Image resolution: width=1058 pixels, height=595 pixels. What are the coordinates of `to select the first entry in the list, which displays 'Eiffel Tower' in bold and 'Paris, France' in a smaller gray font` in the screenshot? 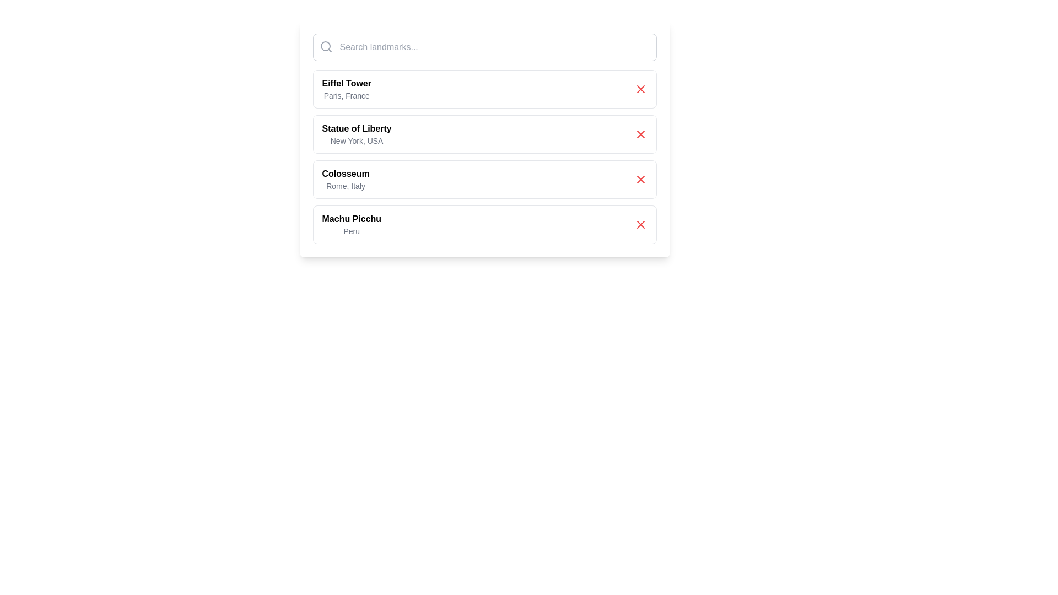 It's located at (346, 89).